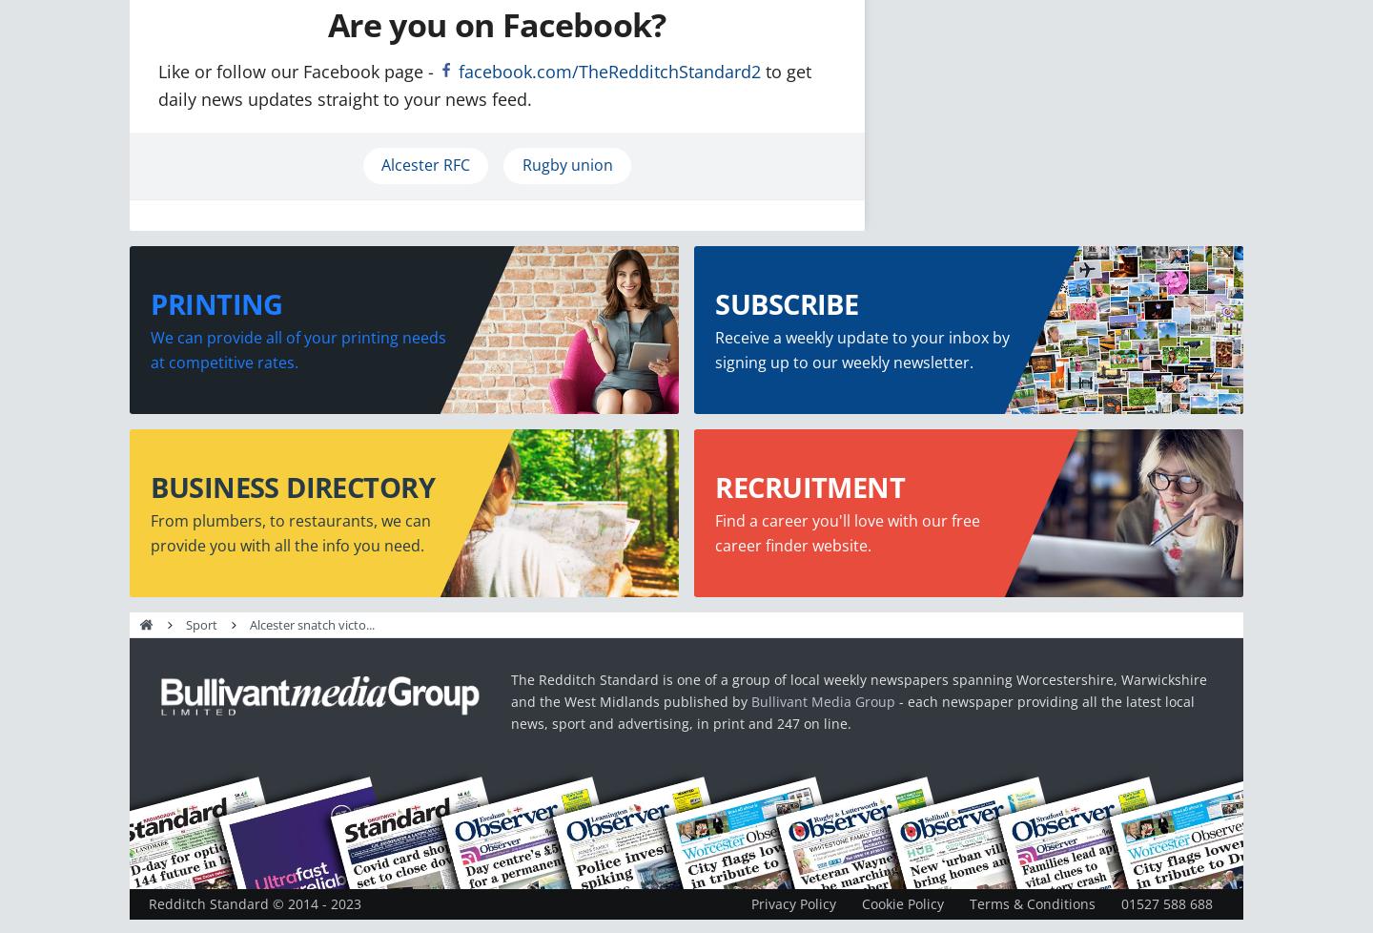  I want to click on 'Cookie Policy', so click(902, 902).